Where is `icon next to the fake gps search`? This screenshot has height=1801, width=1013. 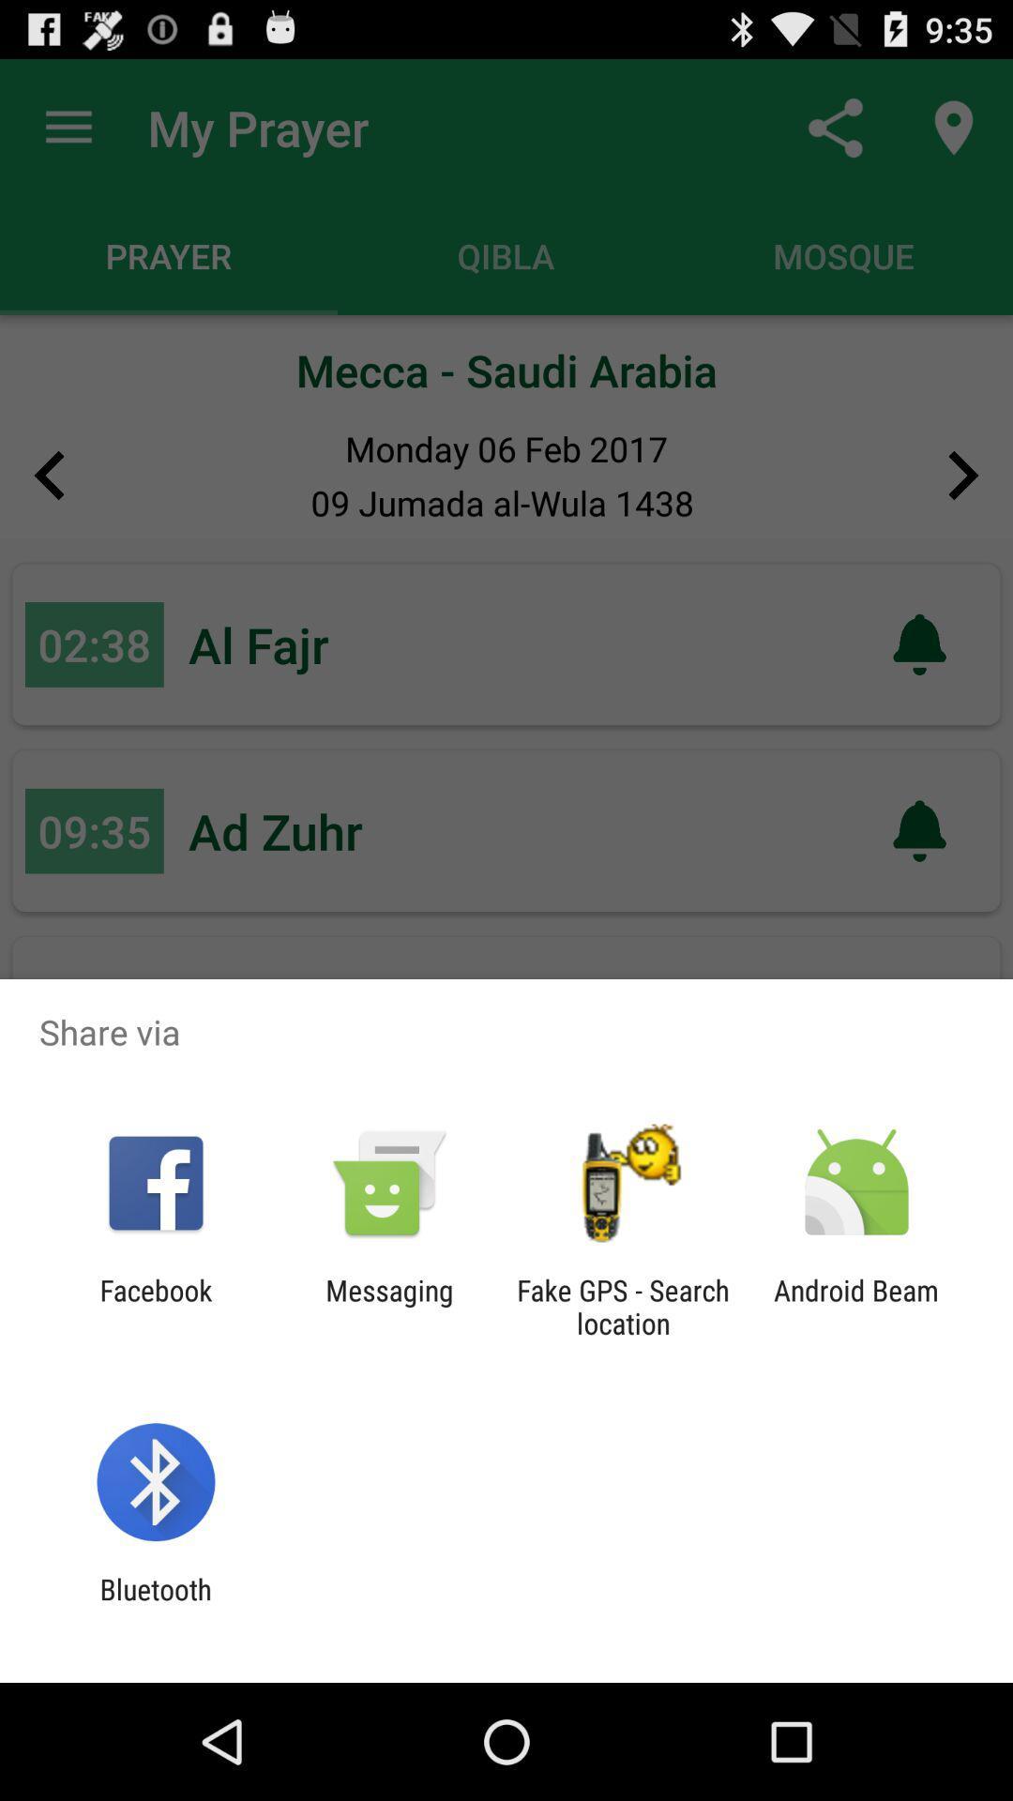
icon next to the fake gps search is located at coordinates (388, 1306).